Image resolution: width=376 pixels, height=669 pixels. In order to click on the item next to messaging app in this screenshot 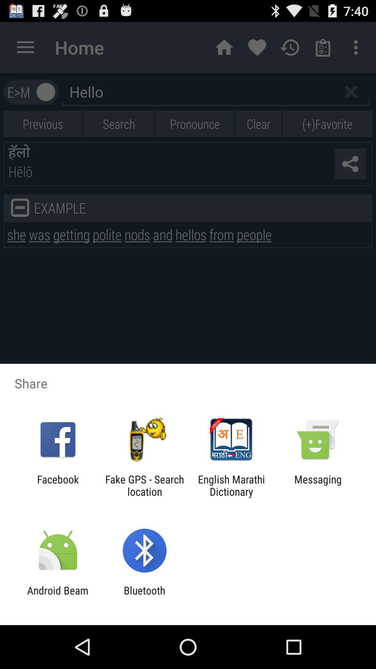, I will do `click(231, 485)`.